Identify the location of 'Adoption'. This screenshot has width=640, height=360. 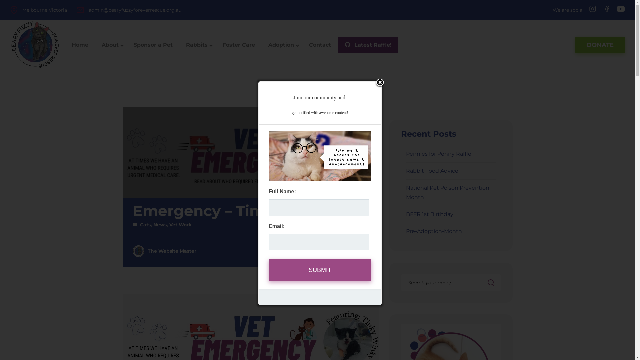
(282, 45).